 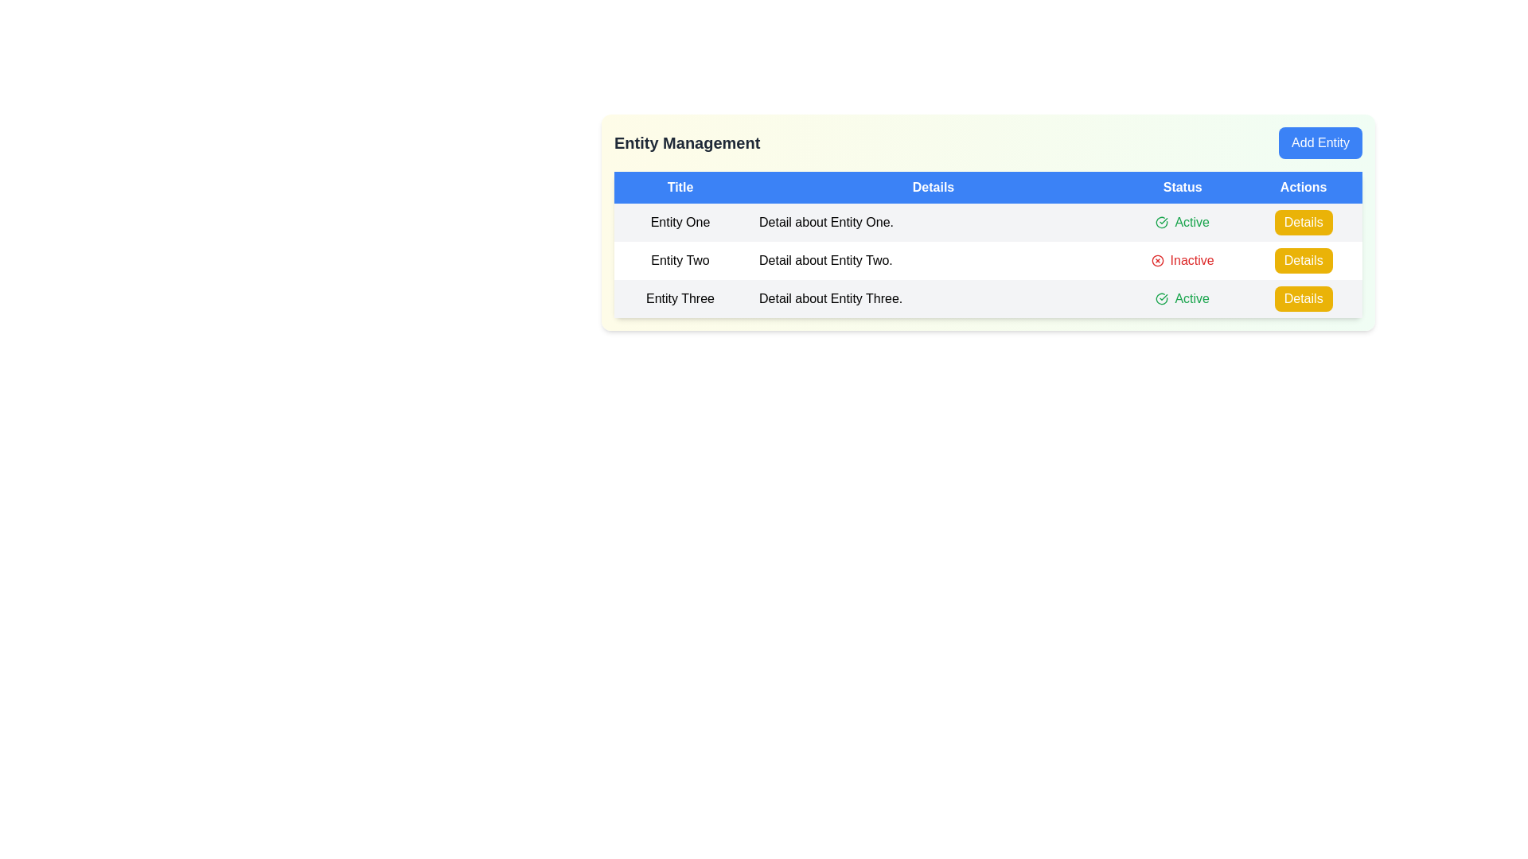 What do you see at coordinates (1183, 223) in the screenshot?
I see `the 'Active' status label with an icon located in the 'Status' column of the first row in the table, which provides immediate feedback about the entity's state` at bounding box center [1183, 223].